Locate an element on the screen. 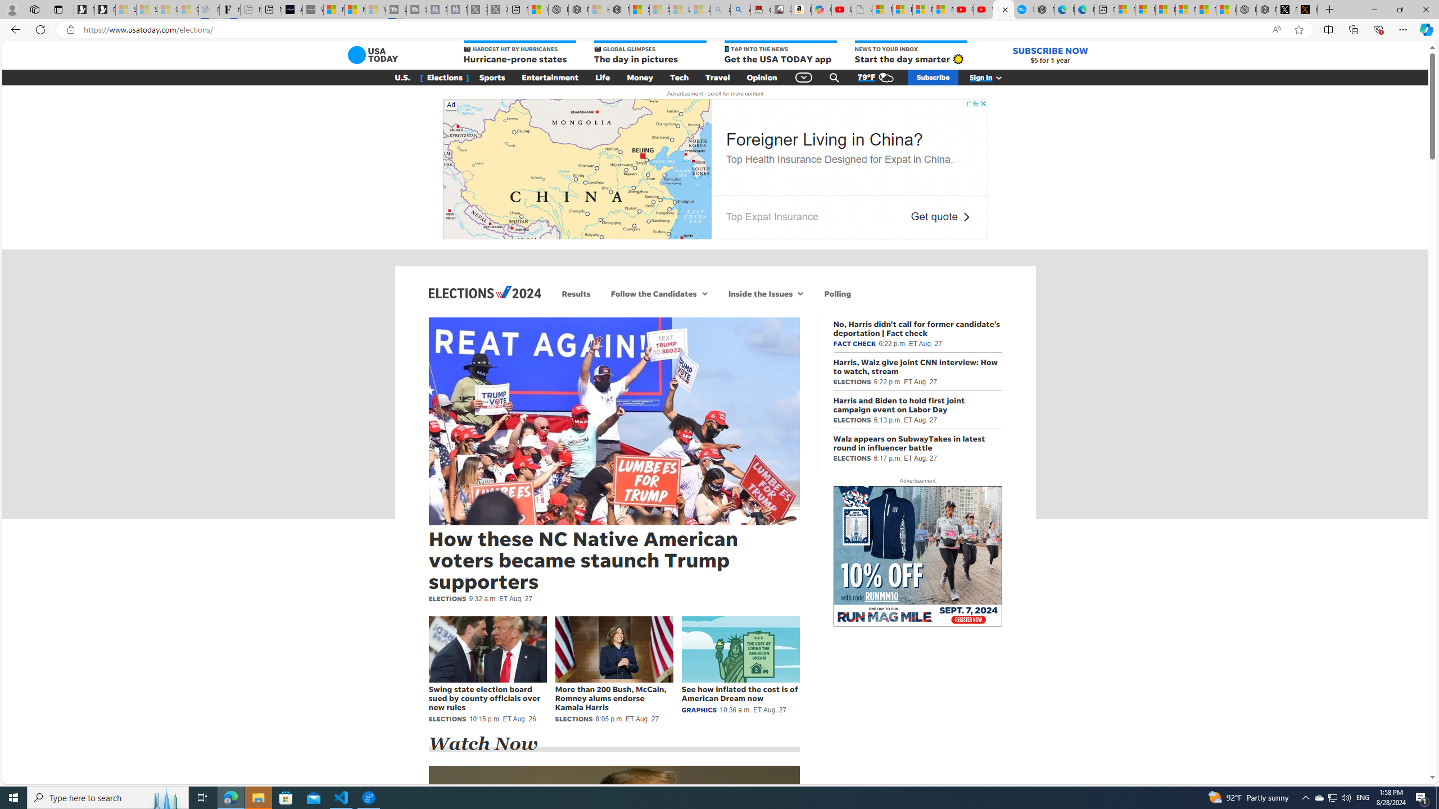 The width and height of the screenshot is (1439, 809). 'YouTube Kids - An App Created for Kids to Explore Content' is located at coordinates (983, 9).